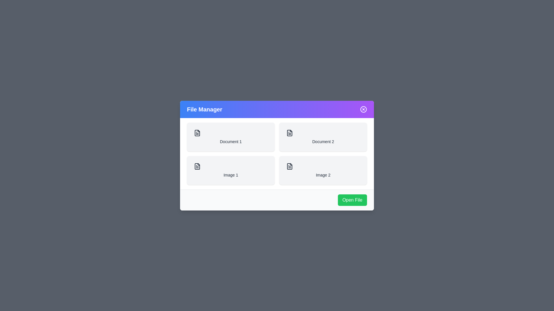 This screenshot has height=311, width=554. Describe the element at coordinates (231, 170) in the screenshot. I see `the file item Image 1 from the list` at that location.